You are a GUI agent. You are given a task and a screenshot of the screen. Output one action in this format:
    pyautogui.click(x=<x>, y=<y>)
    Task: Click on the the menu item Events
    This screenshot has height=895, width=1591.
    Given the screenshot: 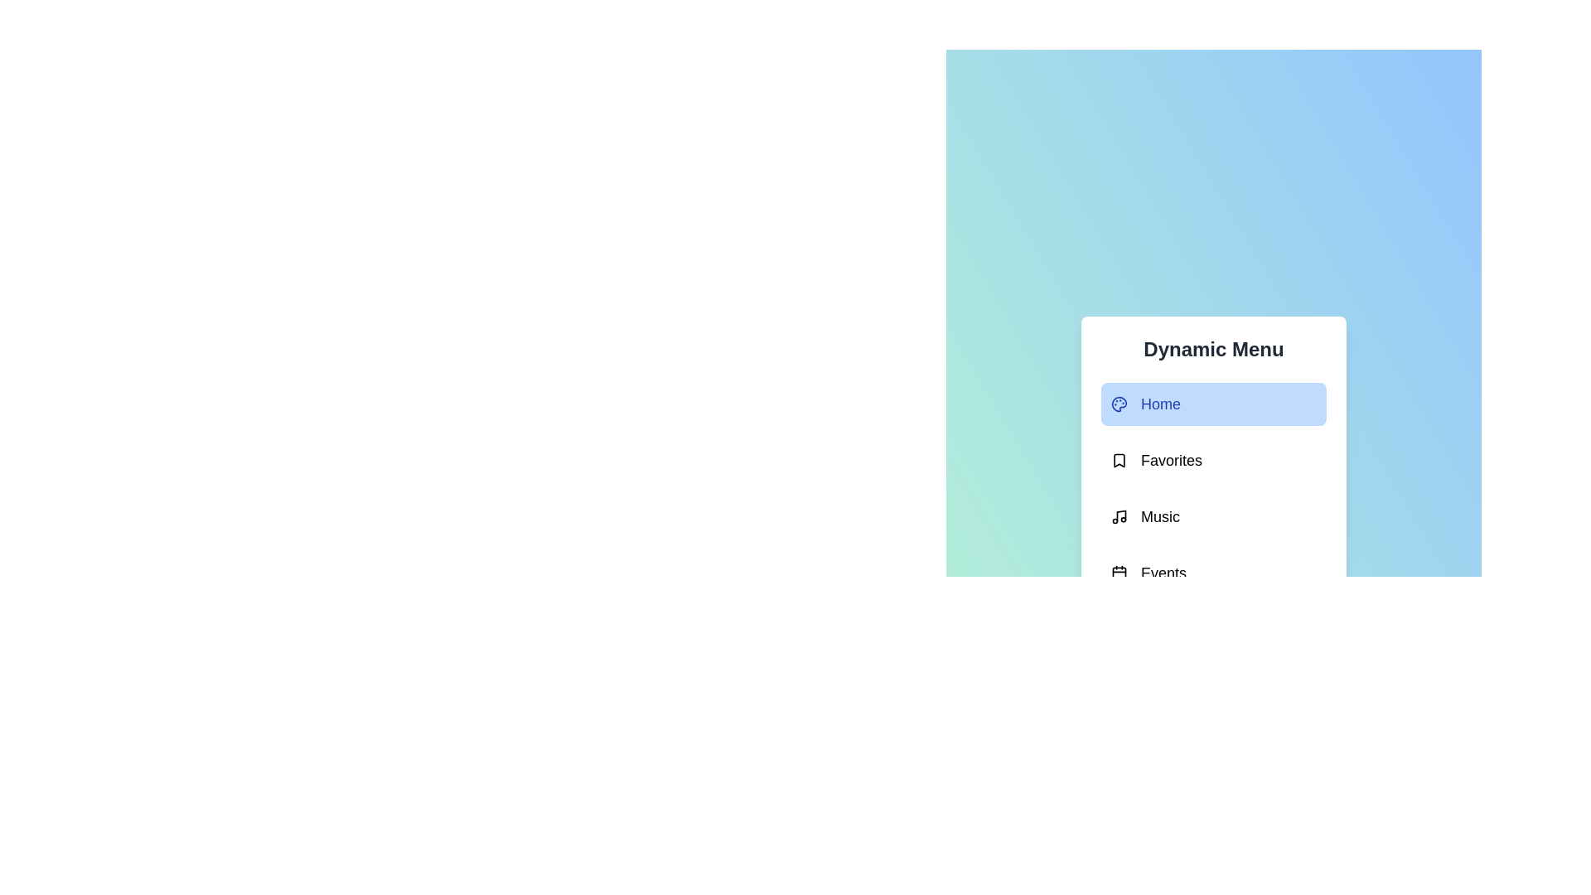 What is the action you would take?
    pyautogui.click(x=1213, y=572)
    